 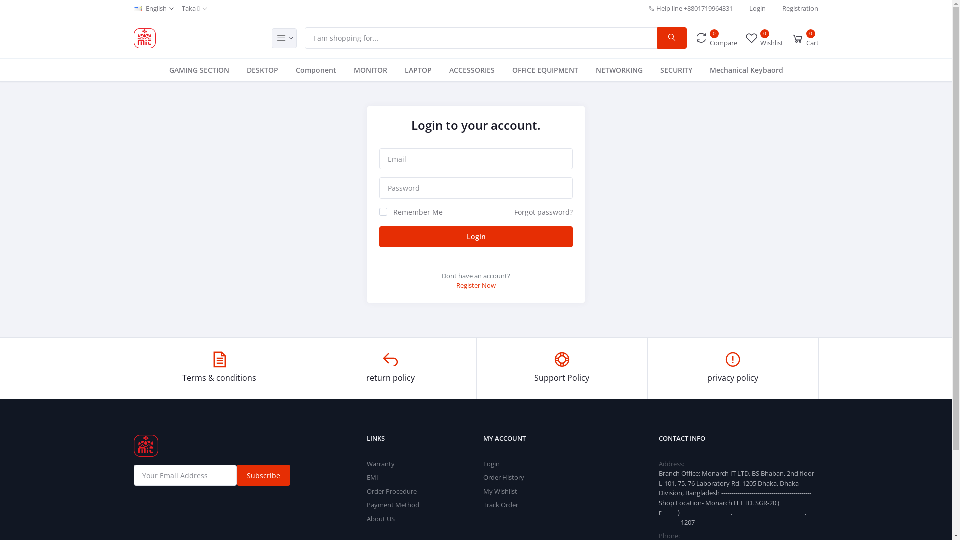 I want to click on 'English', so click(x=153, y=9).